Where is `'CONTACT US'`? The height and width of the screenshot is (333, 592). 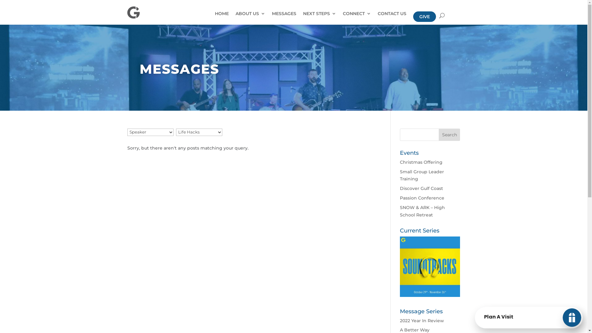 'CONTACT US' is located at coordinates (392, 16).